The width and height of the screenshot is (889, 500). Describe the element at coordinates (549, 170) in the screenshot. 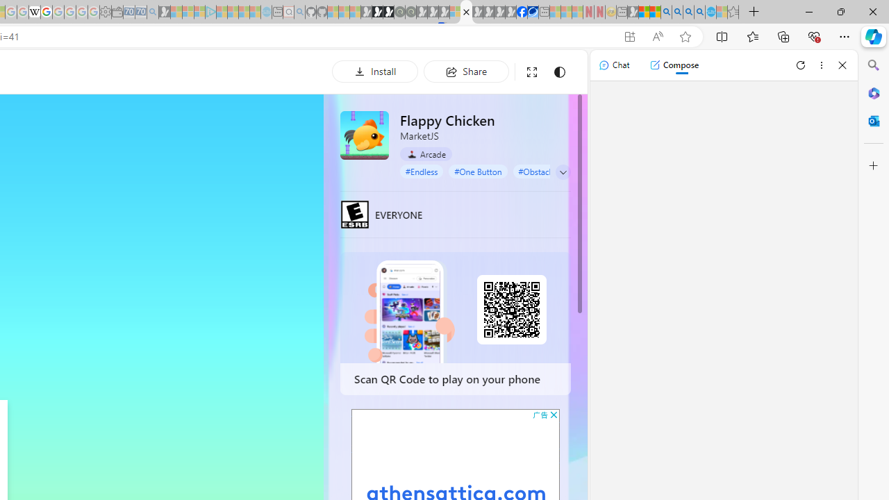

I see `'#Obstacle Course'` at that location.